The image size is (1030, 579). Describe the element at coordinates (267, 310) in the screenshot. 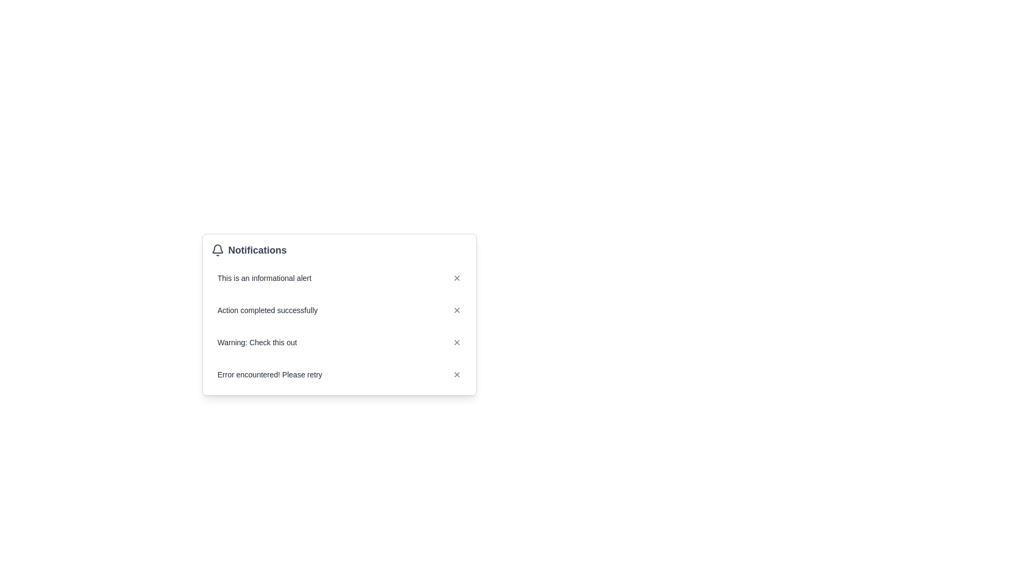

I see `the Text Label that displays a confirmation notification, located in the second notification card with a green background` at that location.